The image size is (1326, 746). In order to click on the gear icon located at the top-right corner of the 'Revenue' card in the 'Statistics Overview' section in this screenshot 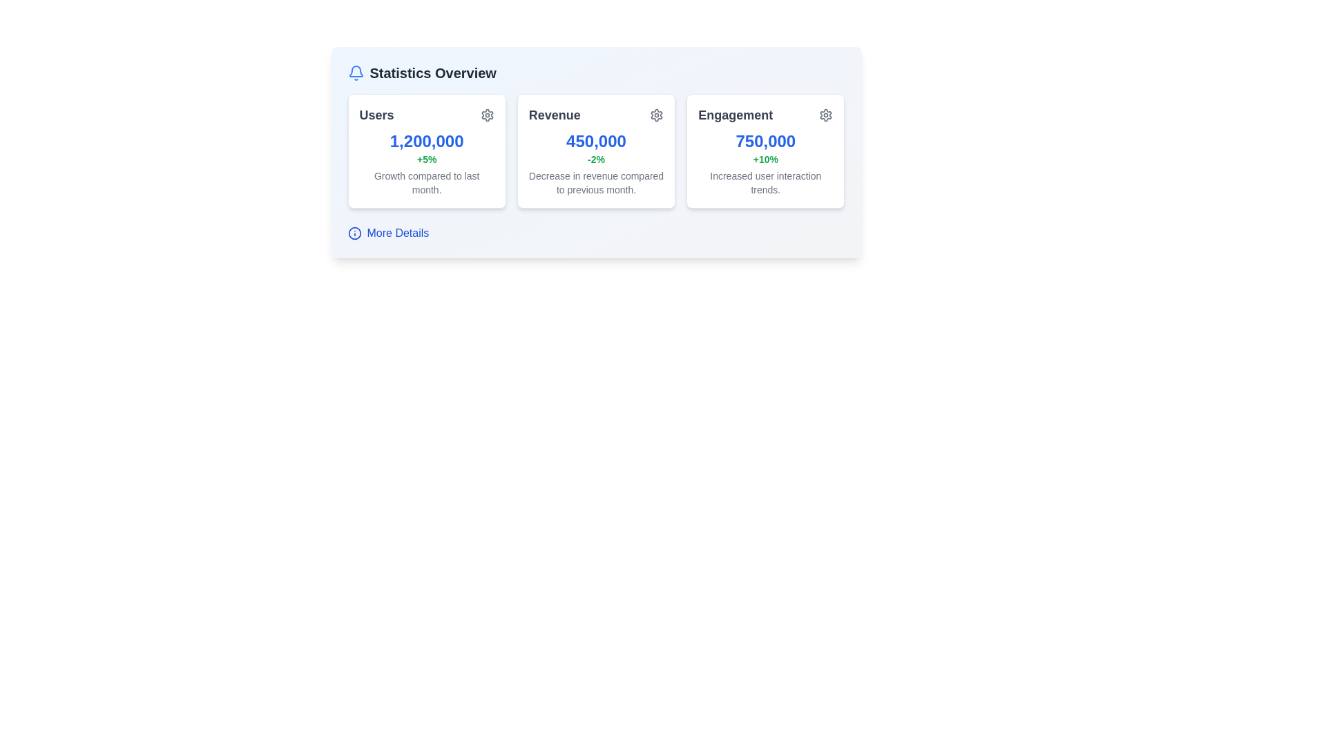, I will do `click(656, 114)`.